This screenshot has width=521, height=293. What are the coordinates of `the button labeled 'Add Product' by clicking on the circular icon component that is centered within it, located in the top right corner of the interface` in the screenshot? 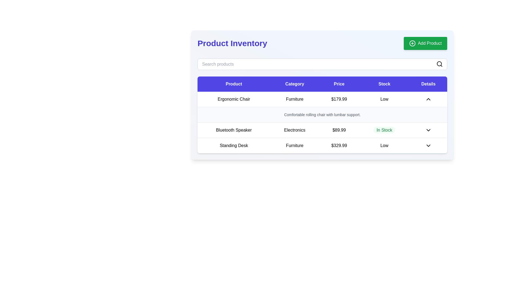 It's located at (412, 43).